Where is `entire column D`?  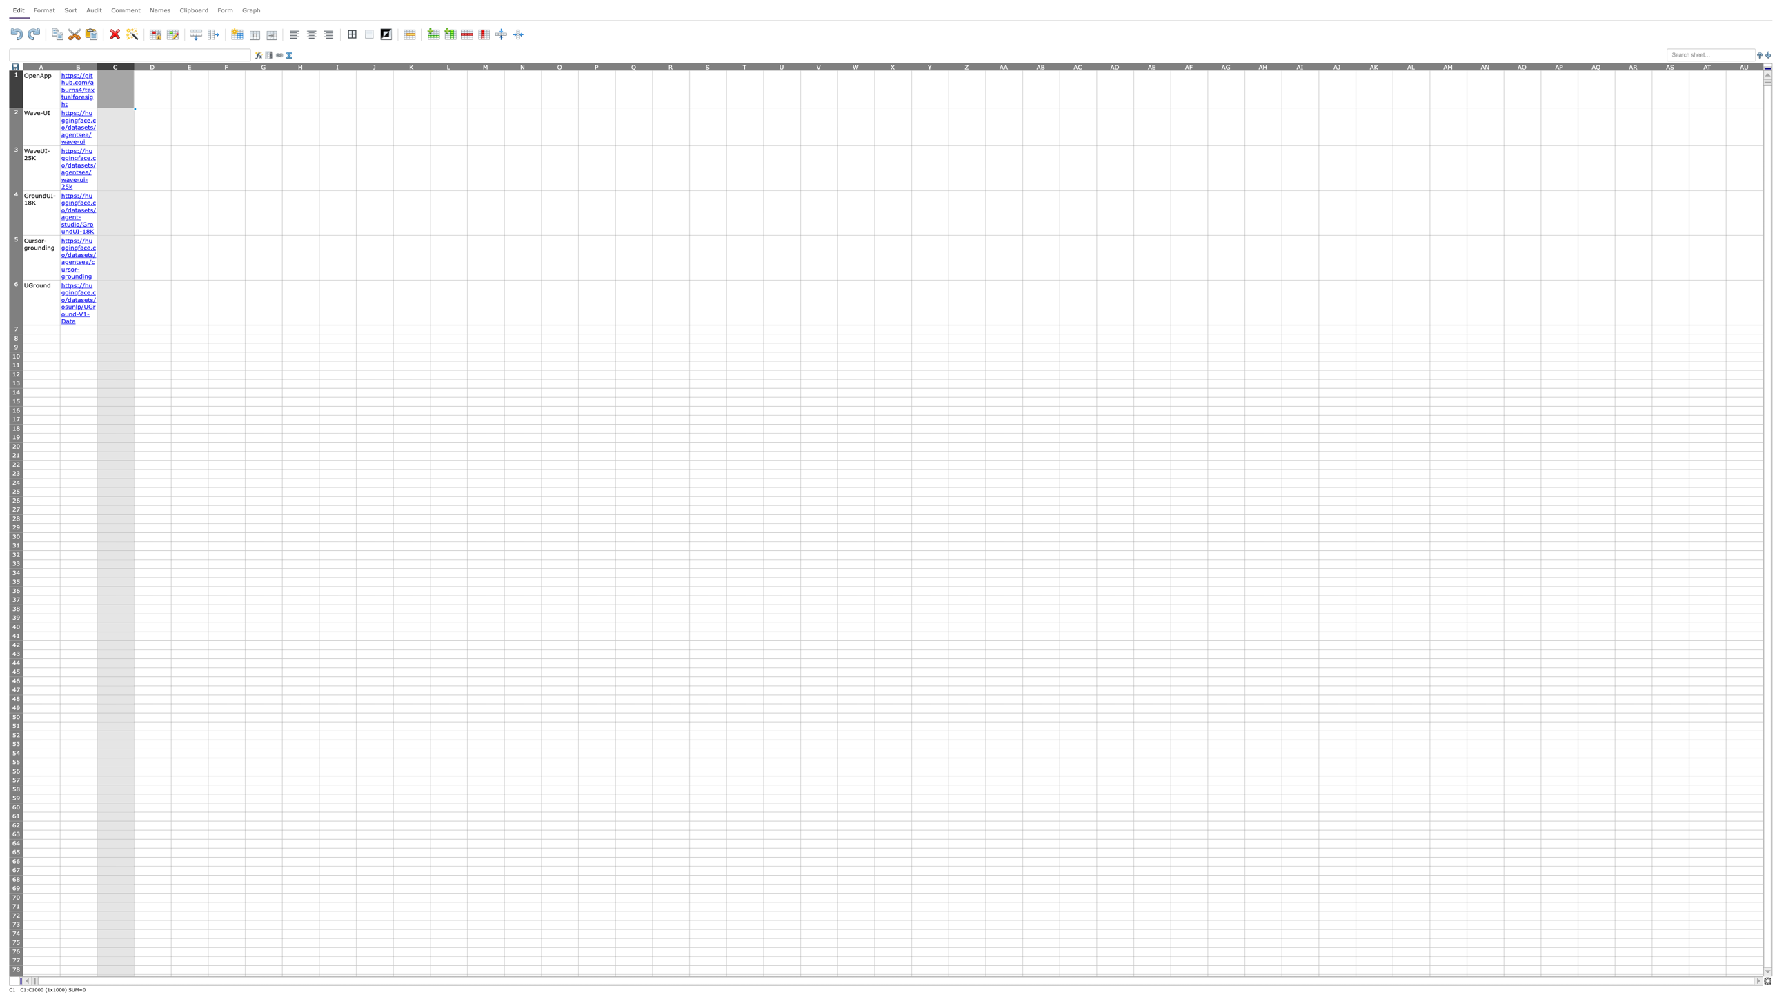
entire column D is located at coordinates (152, 65).